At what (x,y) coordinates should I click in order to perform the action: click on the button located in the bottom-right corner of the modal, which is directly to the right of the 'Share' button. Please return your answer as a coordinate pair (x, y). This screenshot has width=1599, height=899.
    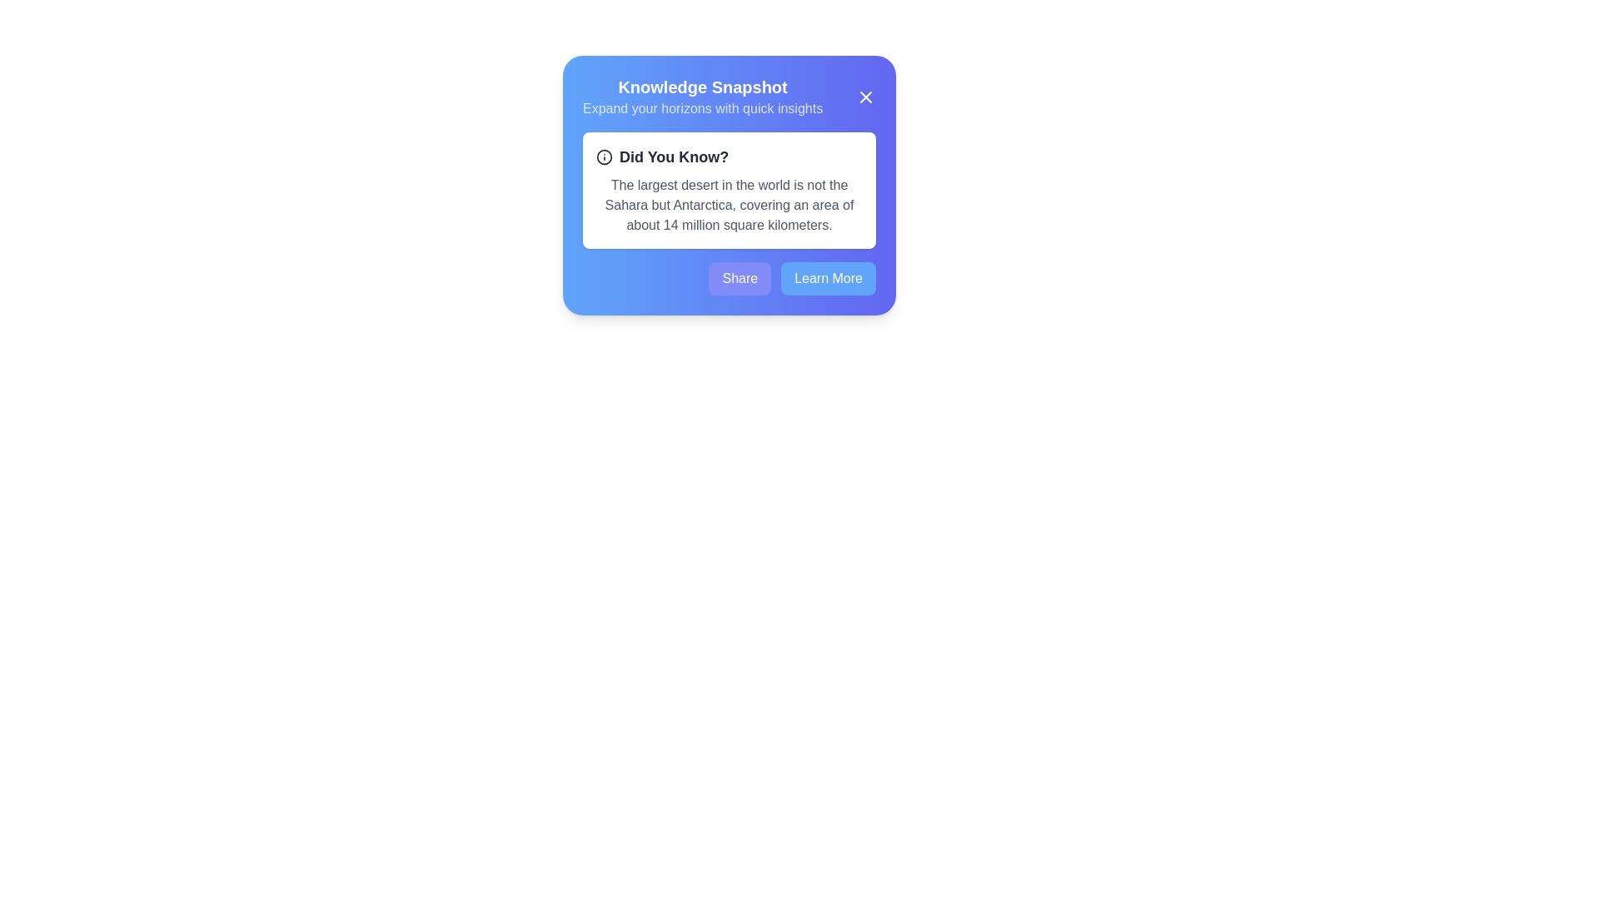
    Looking at the image, I should click on (829, 278).